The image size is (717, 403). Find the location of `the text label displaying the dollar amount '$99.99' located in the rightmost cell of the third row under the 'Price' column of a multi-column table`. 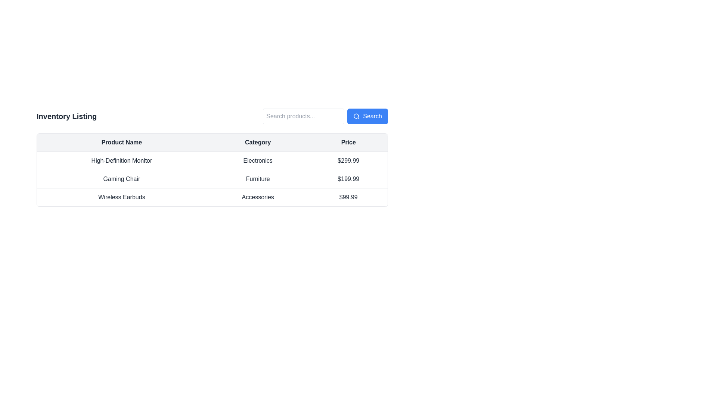

the text label displaying the dollar amount '$99.99' located in the rightmost cell of the third row under the 'Price' column of a multi-column table is located at coordinates (348, 197).